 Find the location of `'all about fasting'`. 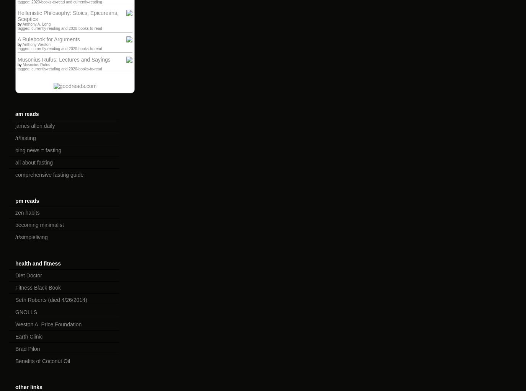

'all about fasting' is located at coordinates (34, 162).